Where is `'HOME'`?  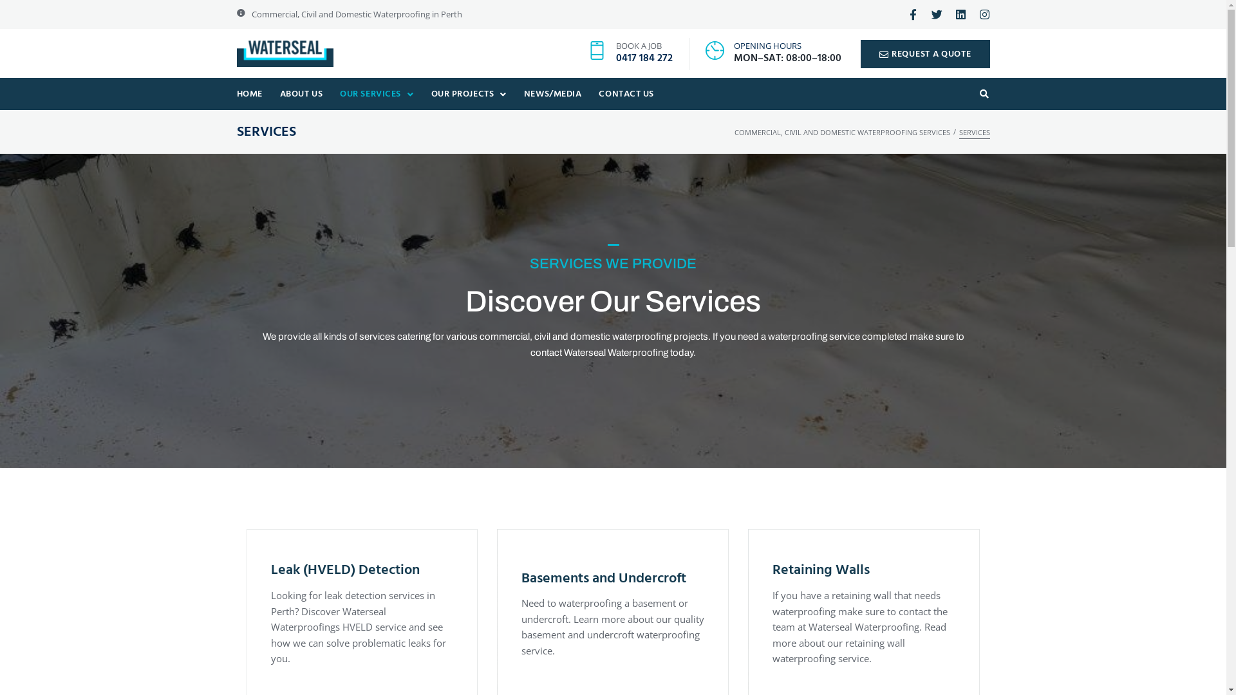 'HOME' is located at coordinates (249, 93).